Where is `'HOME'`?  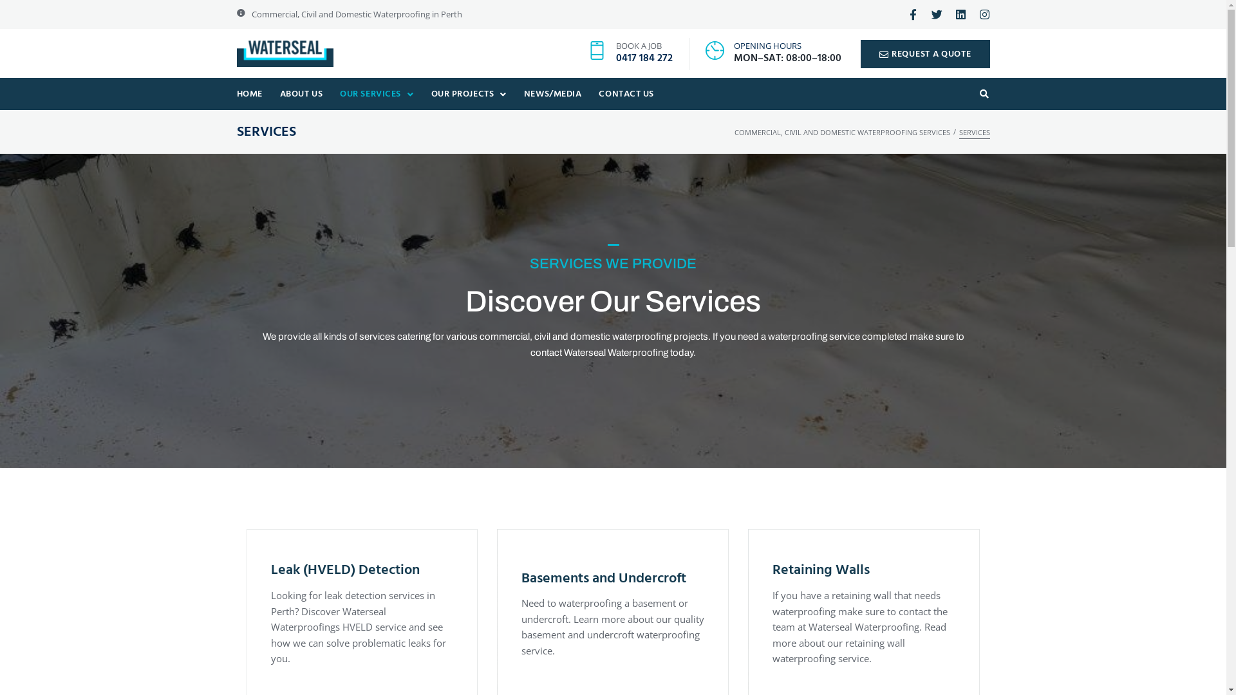 'HOME' is located at coordinates (249, 93).